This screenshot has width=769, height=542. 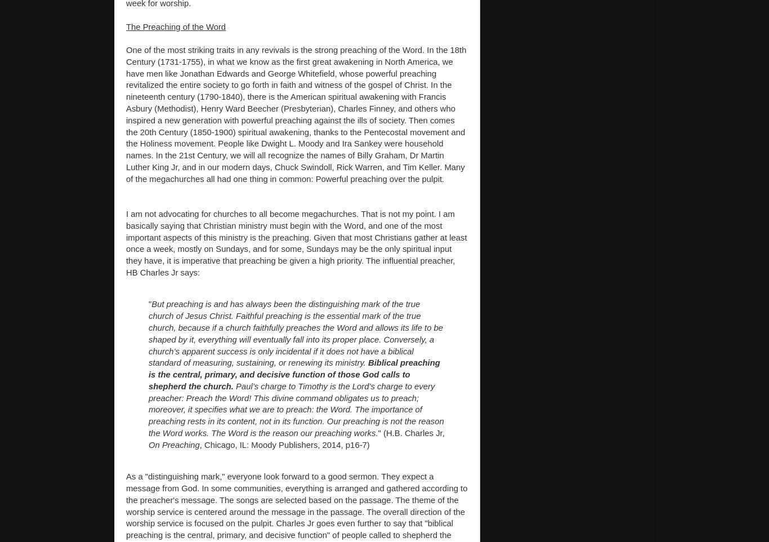 What do you see at coordinates (296, 333) in the screenshot?
I see `'But preaching is and has always been the distinguishing mark of the true church of Jesus Christ. Faithful preaching is the essential mark of the true church, because if a church faithfully preaches the Word and allows its life to be shaped by it, everything will eventually fall into its proper place. Conversely, a church’s apparent success is only incidental if it does not have a biblical standard of measuring, sustaining, or renewing its ministry.'` at bounding box center [296, 333].